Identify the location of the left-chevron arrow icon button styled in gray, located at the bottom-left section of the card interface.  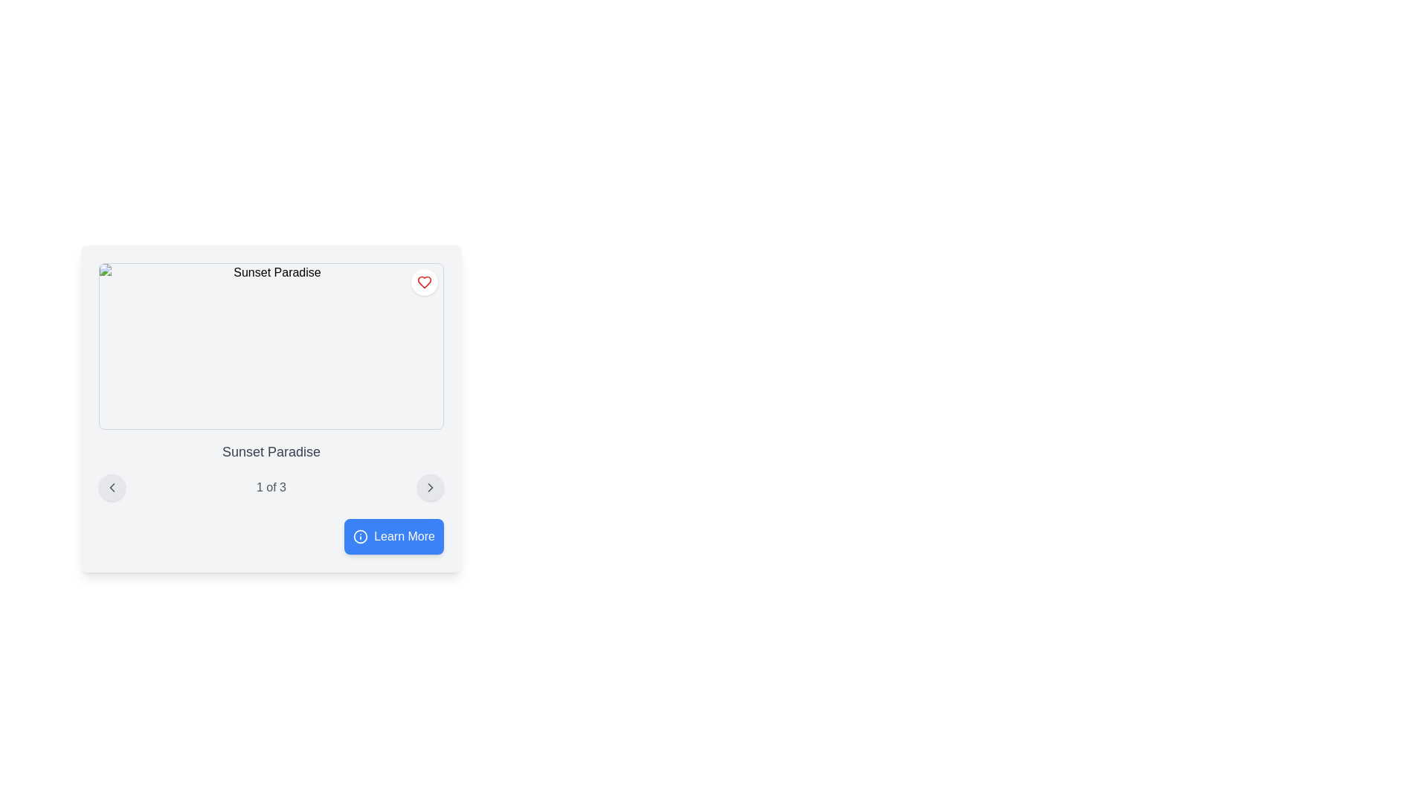
(111, 487).